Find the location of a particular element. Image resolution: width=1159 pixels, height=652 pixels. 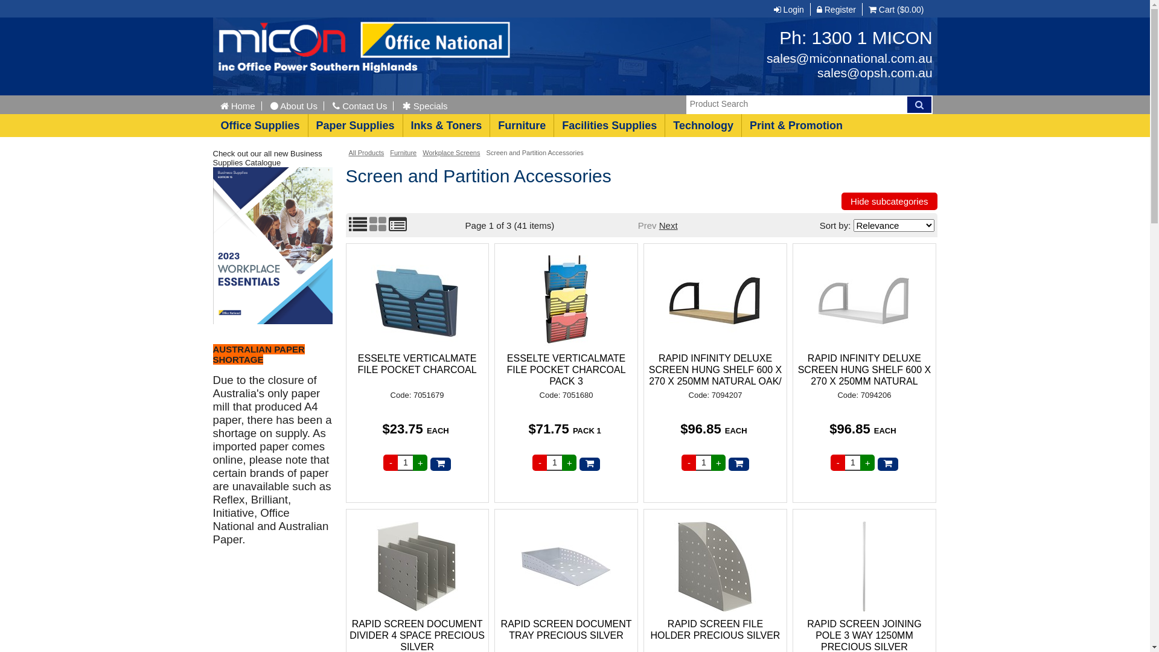

'Contact Us' is located at coordinates (359, 105).